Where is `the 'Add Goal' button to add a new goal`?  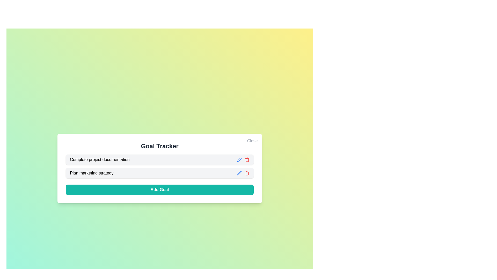 the 'Add Goal' button to add a new goal is located at coordinates (159, 190).